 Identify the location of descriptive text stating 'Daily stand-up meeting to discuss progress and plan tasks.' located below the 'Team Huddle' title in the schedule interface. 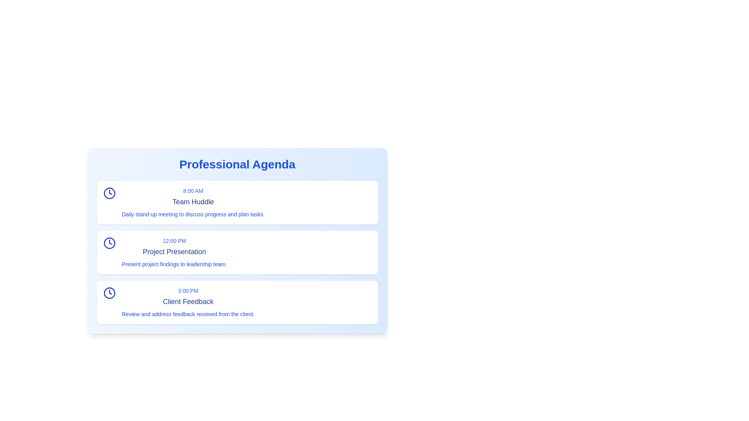
(193, 214).